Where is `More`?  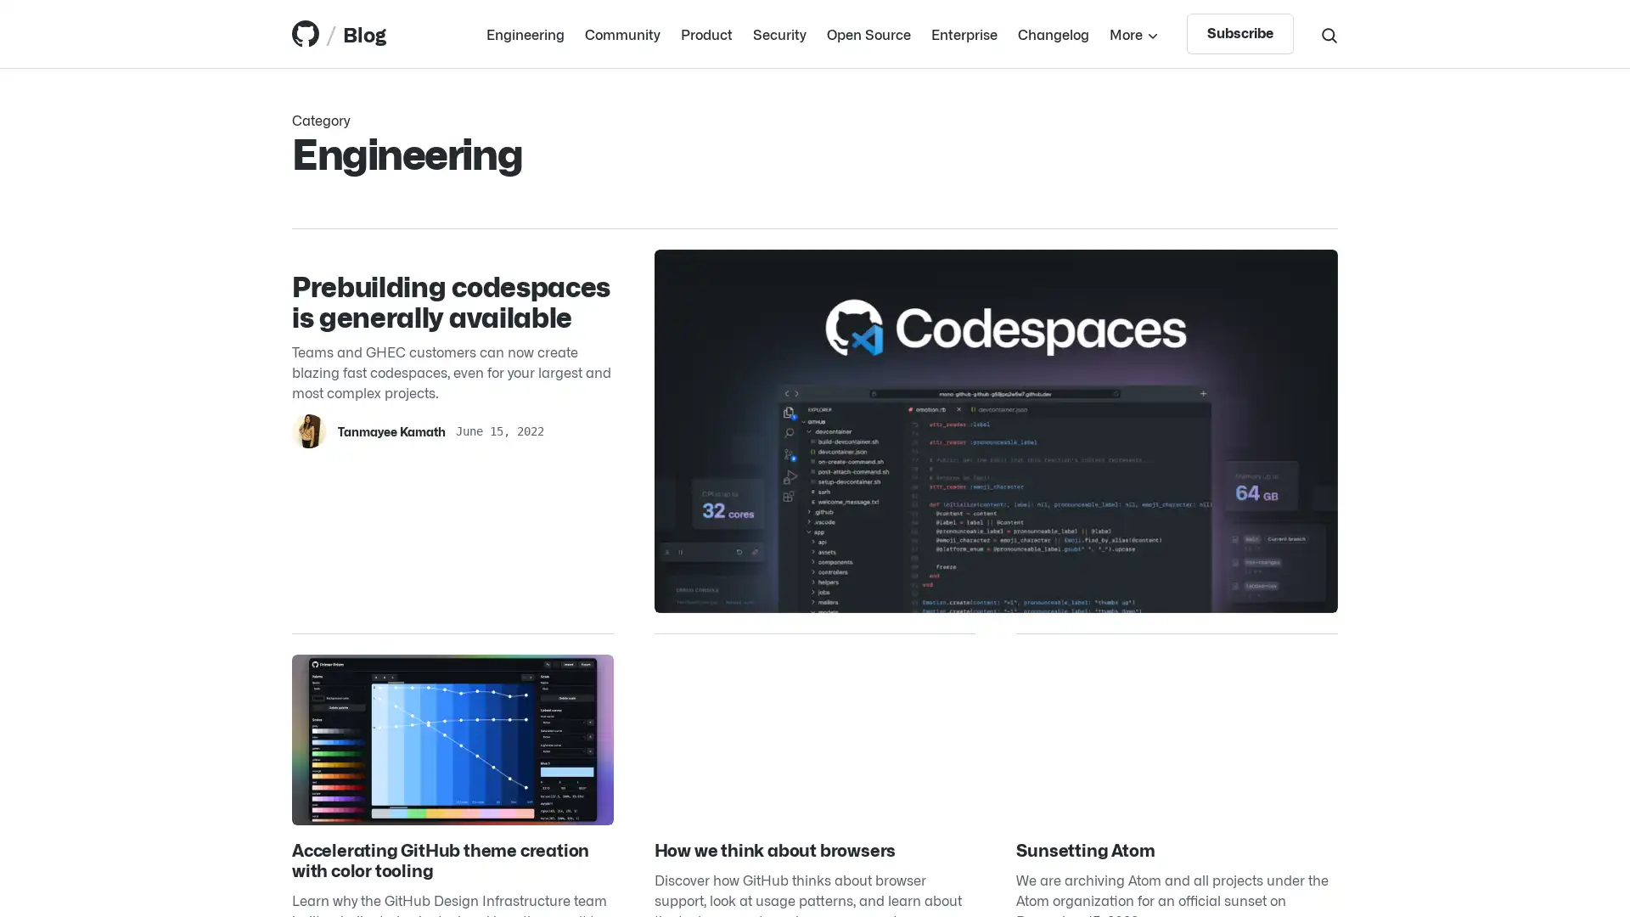
More is located at coordinates (1134, 32).